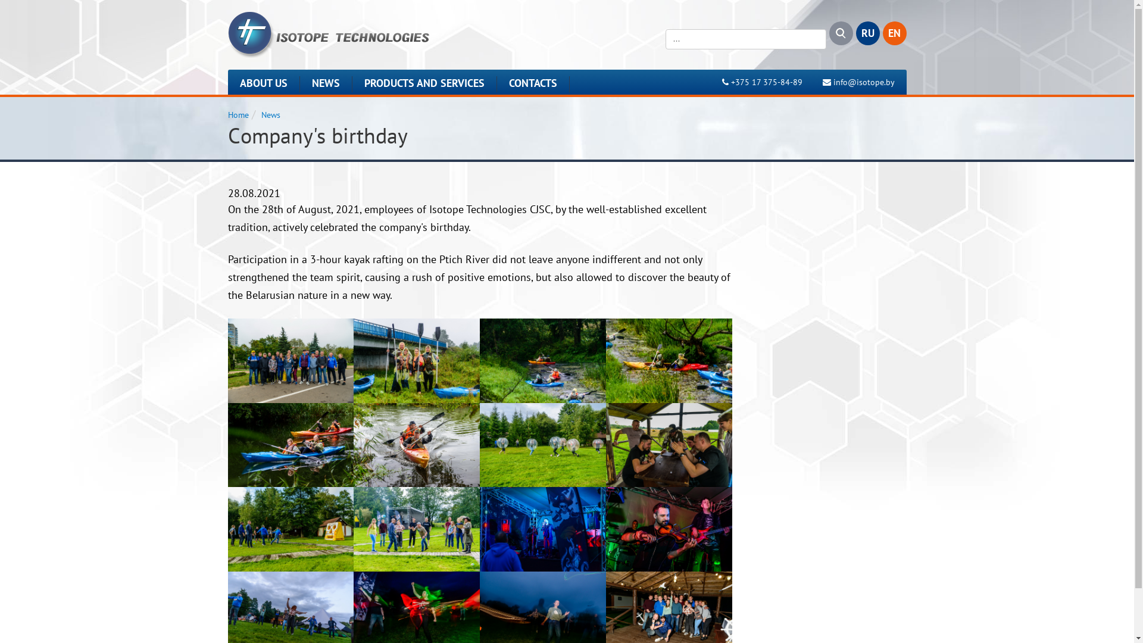 The height and width of the screenshot is (643, 1143). I want to click on '23th-2021', so click(417, 528).